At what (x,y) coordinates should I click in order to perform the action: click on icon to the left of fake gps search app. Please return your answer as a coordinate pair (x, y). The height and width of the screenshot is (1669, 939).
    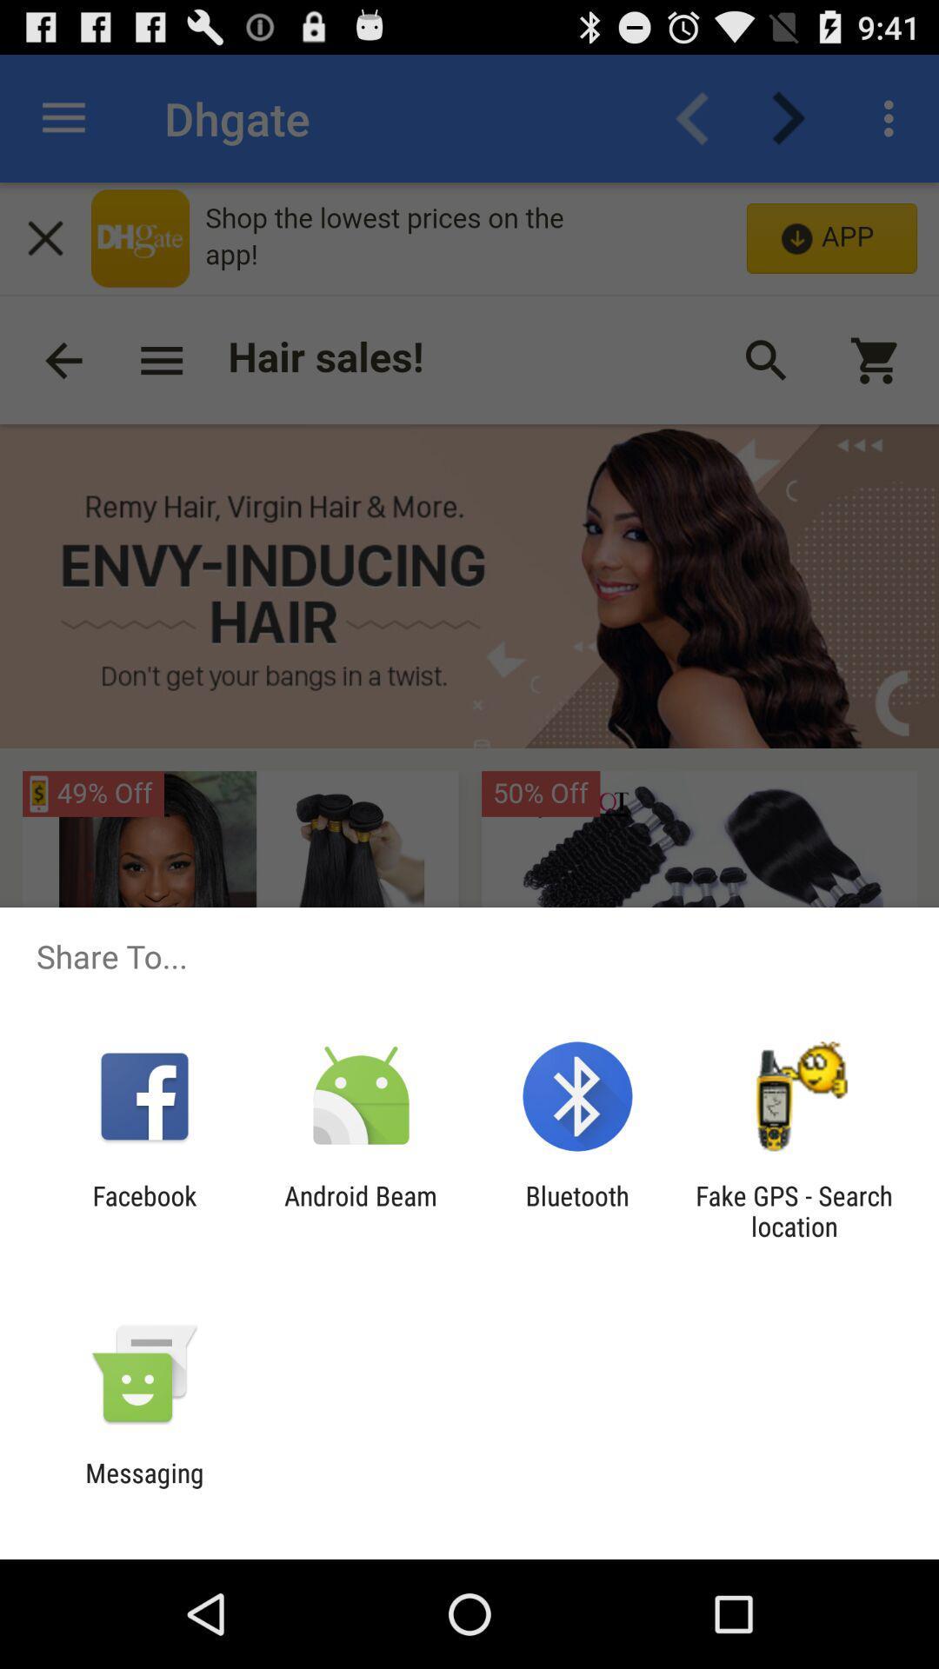
    Looking at the image, I should click on (577, 1210).